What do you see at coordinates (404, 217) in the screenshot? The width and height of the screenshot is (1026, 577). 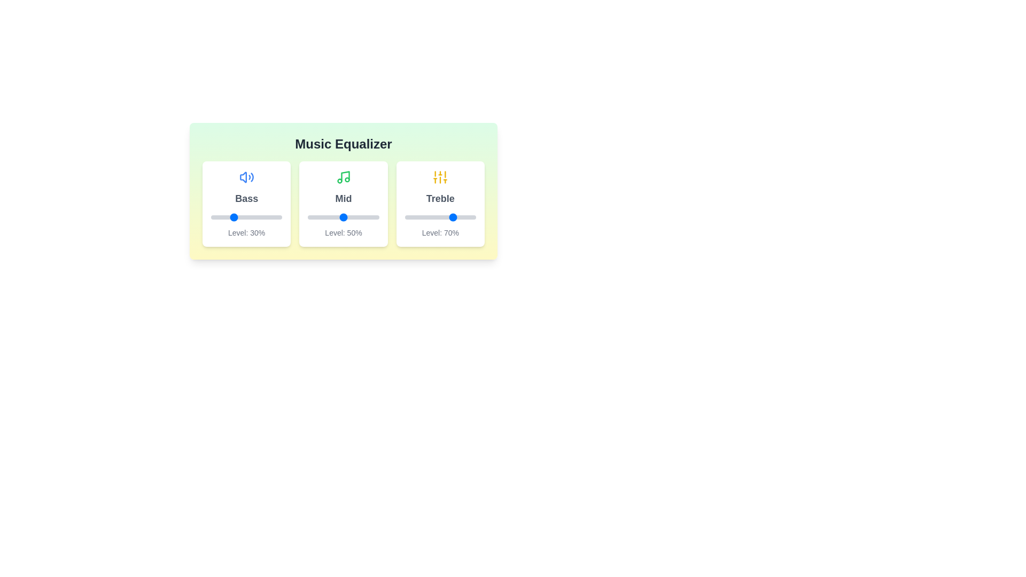 I see `the Treble slider to set its value to 0` at bounding box center [404, 217].